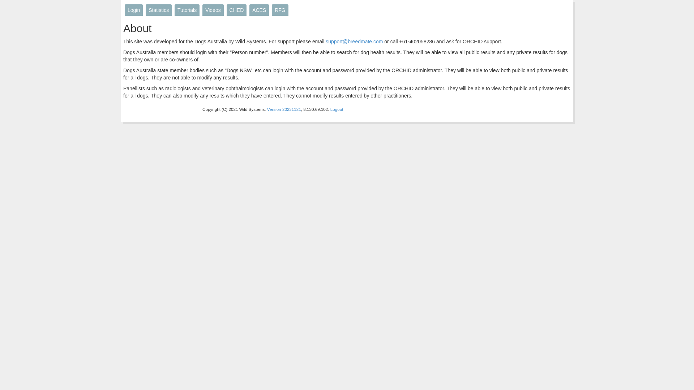 Image resolution: width=694 pixels, height=390 pixels. Describe the element at coordinates (279, 10) in the screenshot. I see `'RFG'` at that location.